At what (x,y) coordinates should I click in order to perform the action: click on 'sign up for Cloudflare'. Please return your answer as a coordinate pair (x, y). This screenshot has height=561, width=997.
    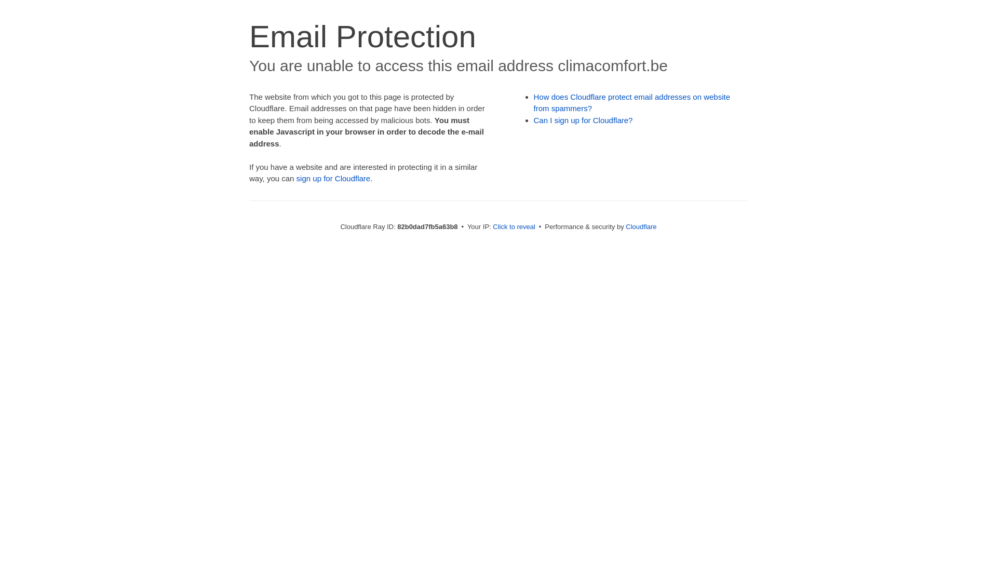
    Looking at the image, I should click on (333, 178).